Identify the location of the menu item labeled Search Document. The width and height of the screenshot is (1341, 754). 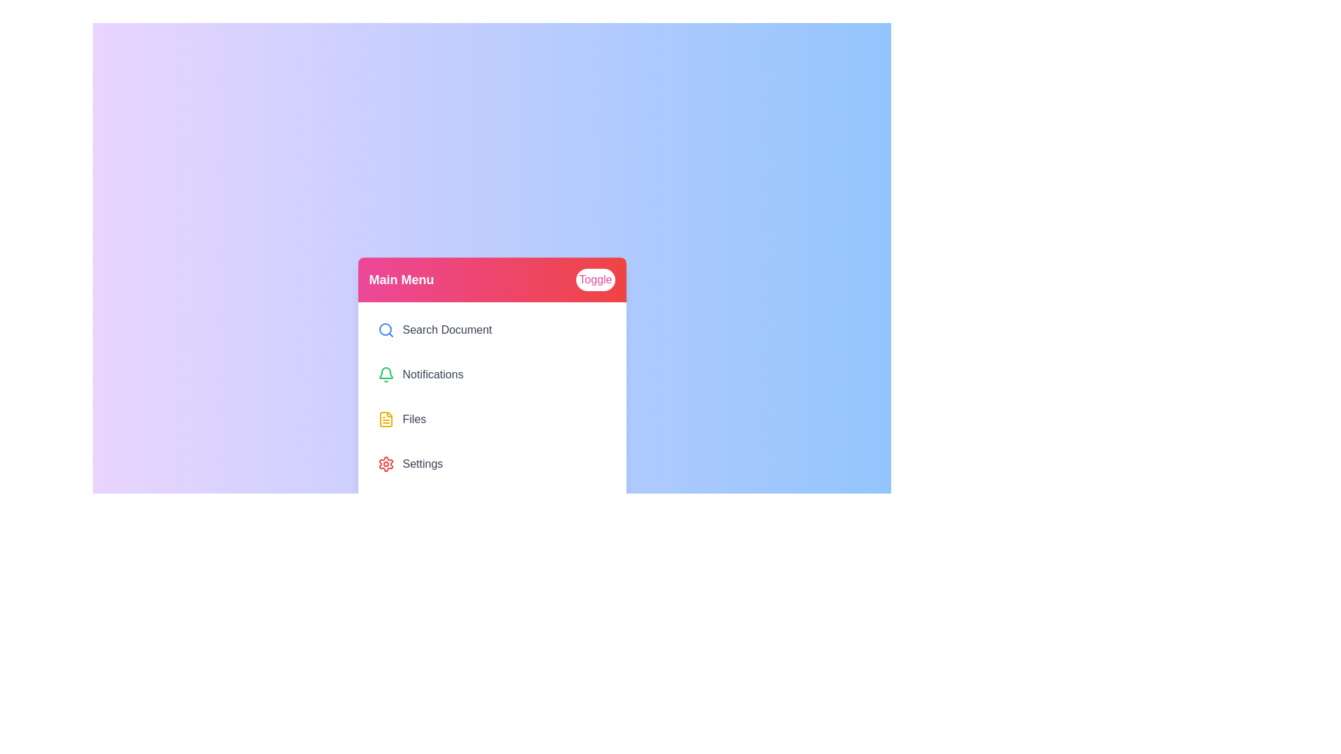
(492, 330).